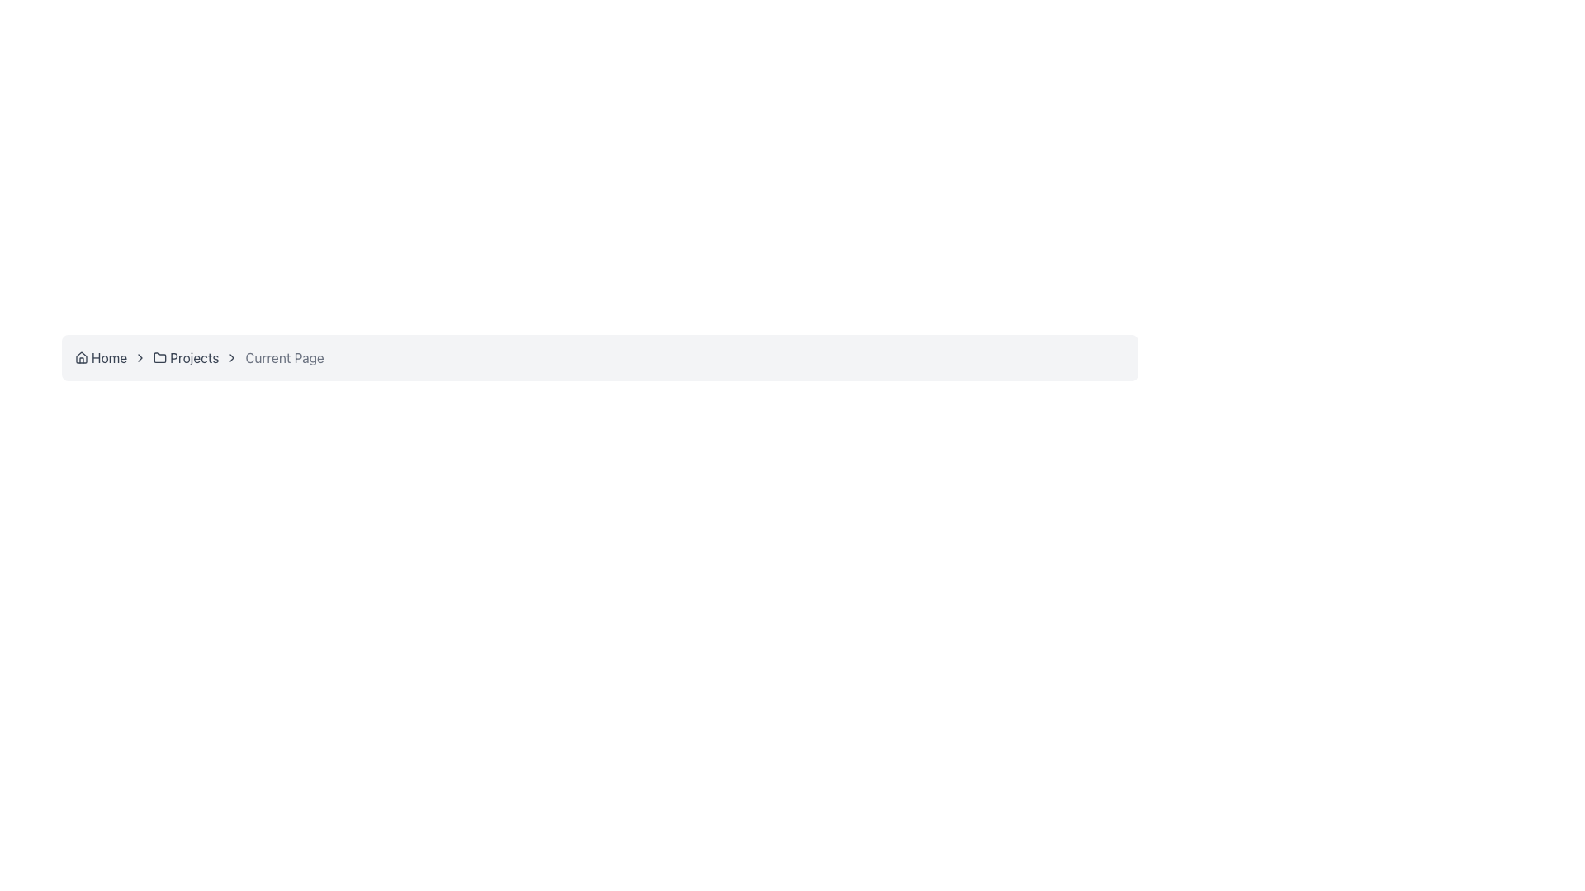 This screenshot has height=891, width=1585. What do you see at coordinates (194, 357) in the screenshot?
I see `the 'Projects' text link in the breadcrumb navigation bar` at bounding box center [194, 357].